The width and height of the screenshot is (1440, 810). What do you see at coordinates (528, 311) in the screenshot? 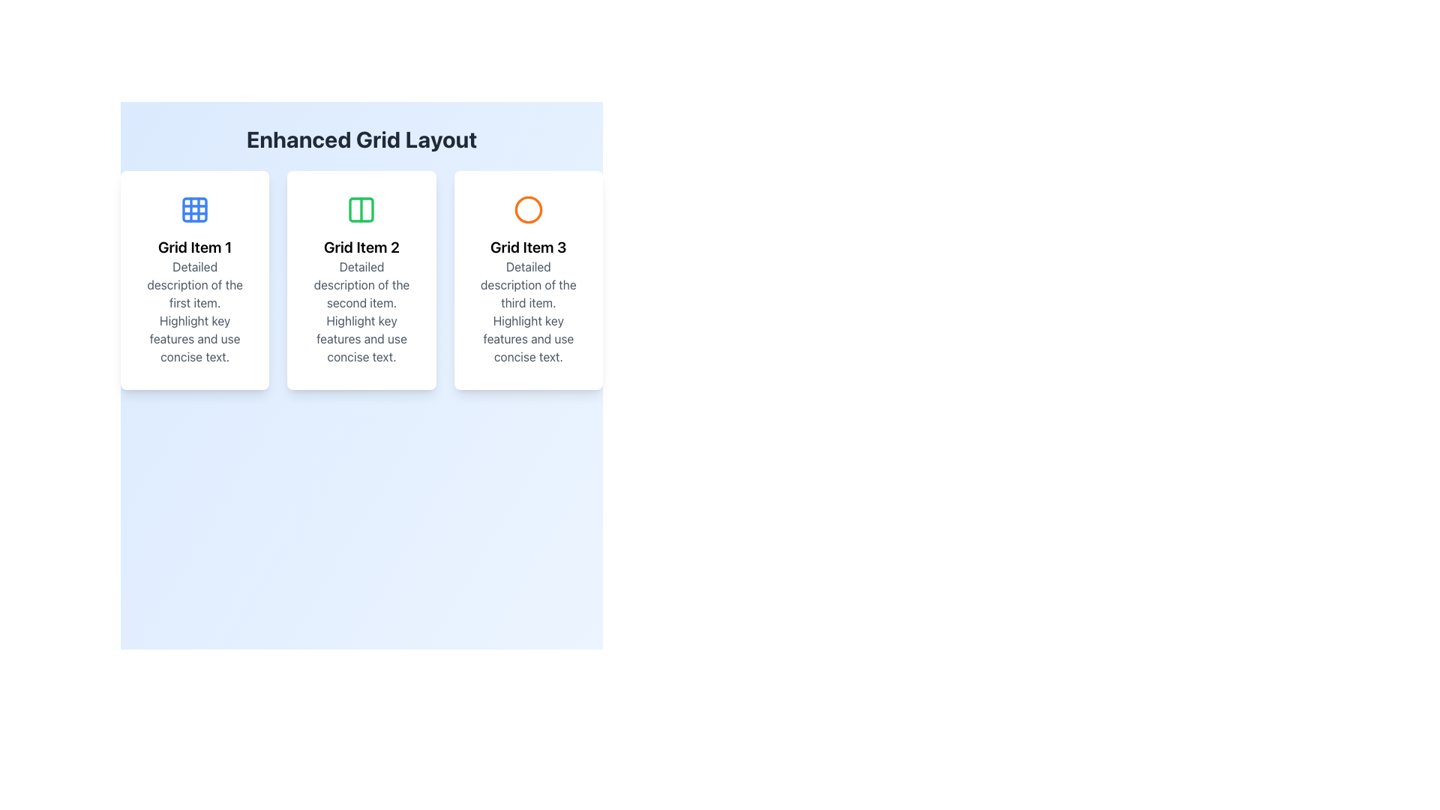
I see `the text block that reads 'Detailed description of the third item. Highlight key features and use concise text.' within the card titled 'Grid Item 3'` at bounding box center [528, 311].